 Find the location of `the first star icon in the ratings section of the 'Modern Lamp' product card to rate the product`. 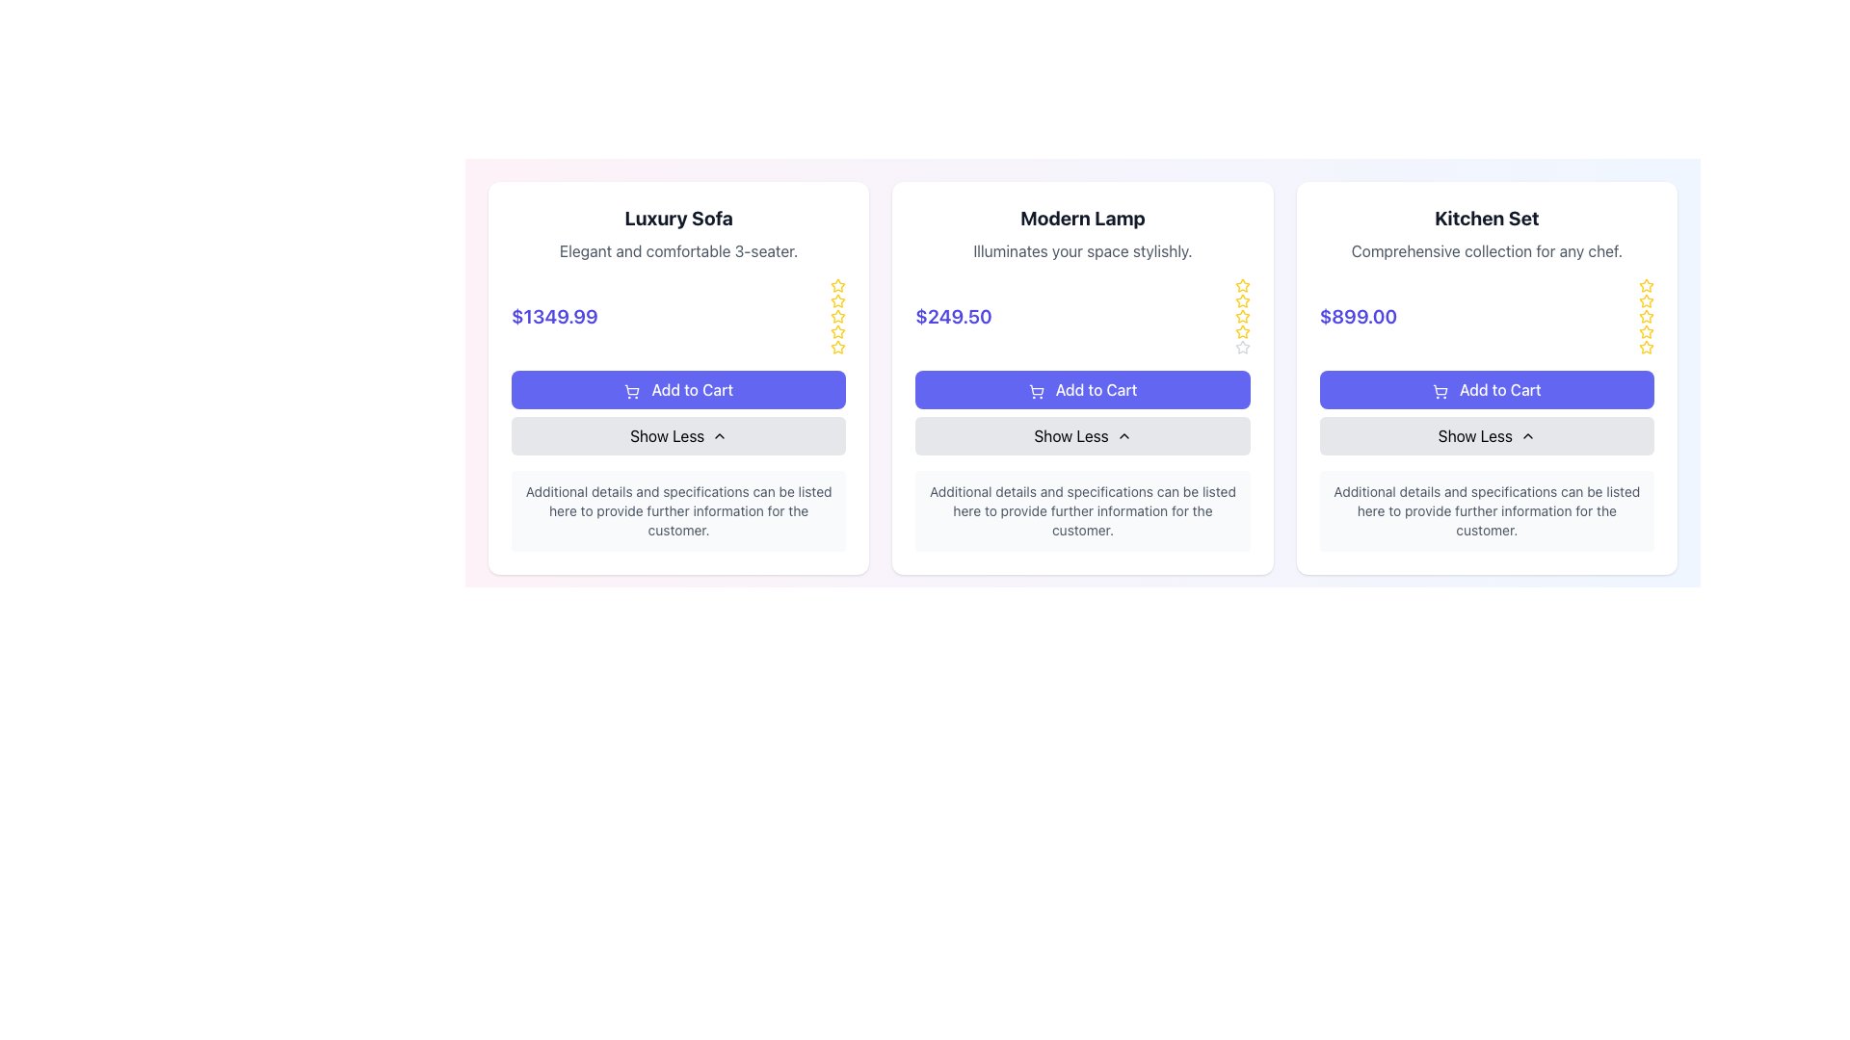

the first star icon in the ratings section of the 'Modern Lamp' product card to rate the product is located at coordinates (1242, 286).